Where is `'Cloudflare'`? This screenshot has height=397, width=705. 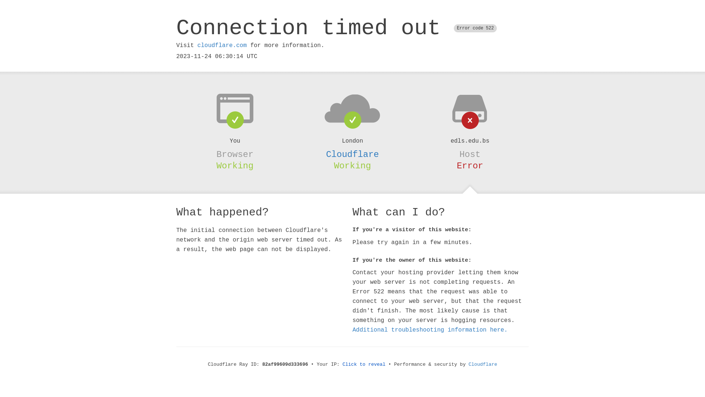
'Cloudflare' is located at coordinates (468, 364).